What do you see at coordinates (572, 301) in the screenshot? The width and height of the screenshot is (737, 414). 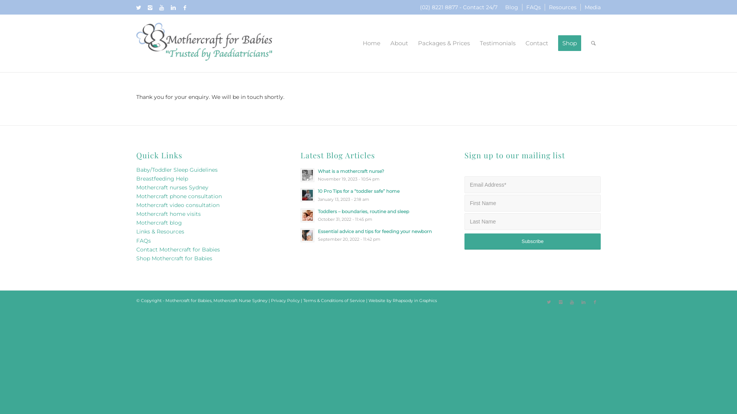 I see `'Youtube'` at bounding box center [572, 301].